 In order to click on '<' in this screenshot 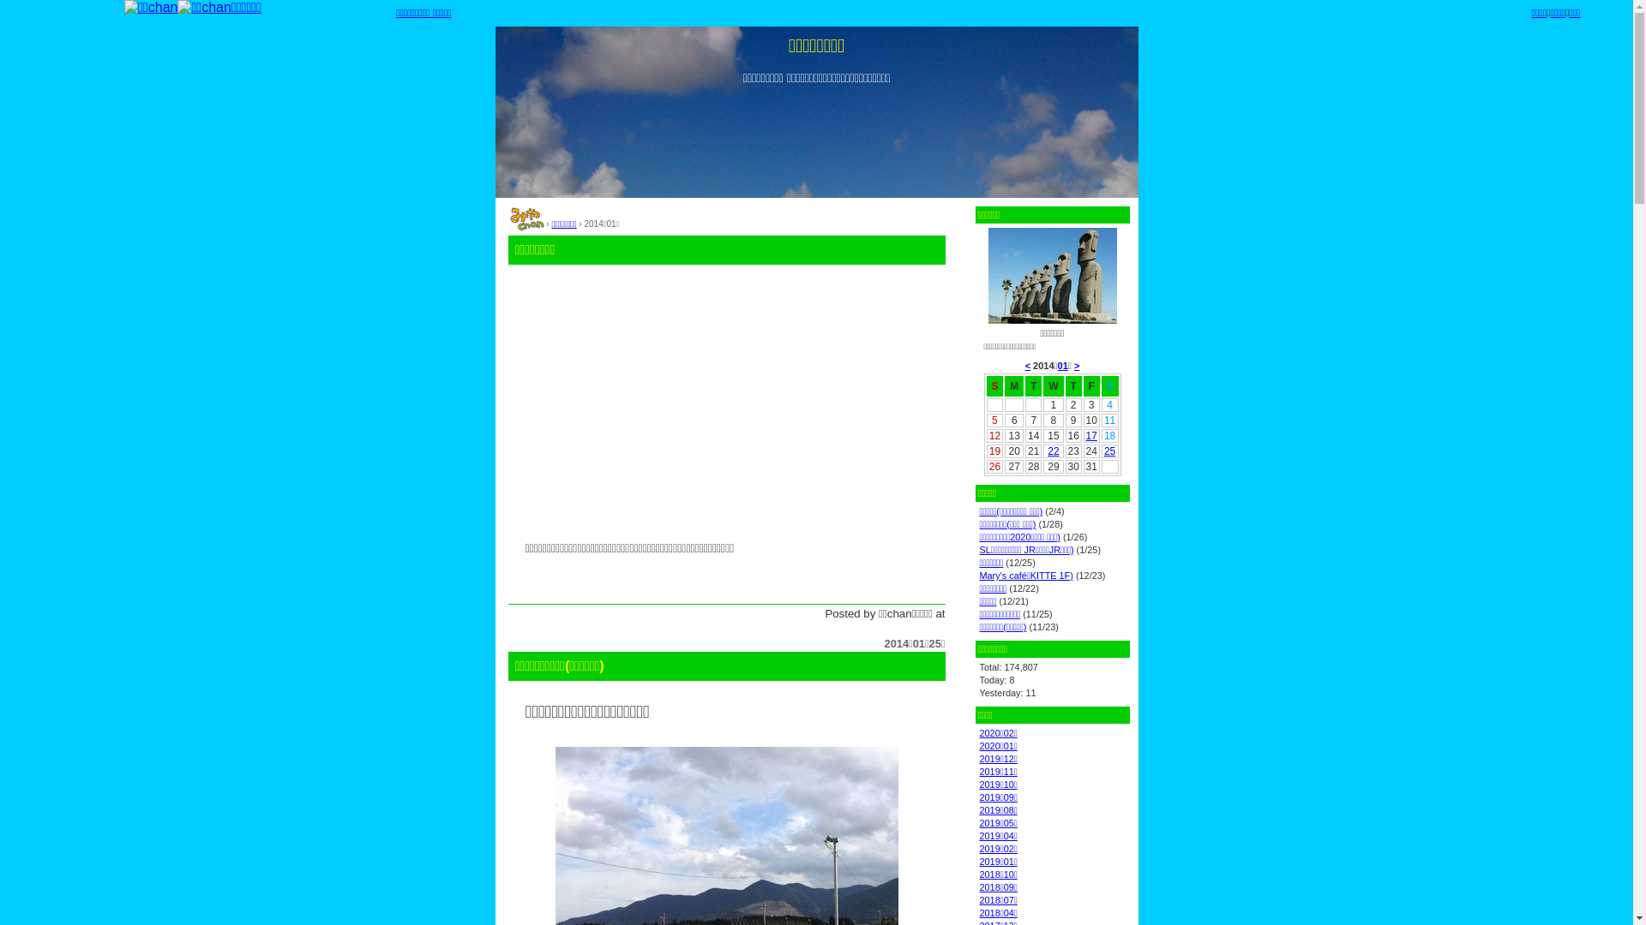, I will do `click(1024, 365)`.